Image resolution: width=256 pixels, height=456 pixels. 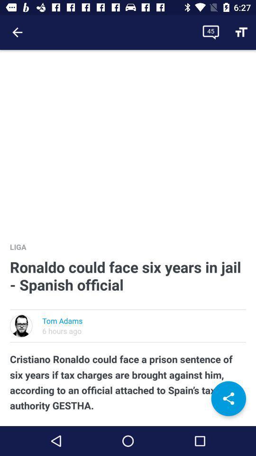 I want to click on the share icon, so click(x=228, y=399).